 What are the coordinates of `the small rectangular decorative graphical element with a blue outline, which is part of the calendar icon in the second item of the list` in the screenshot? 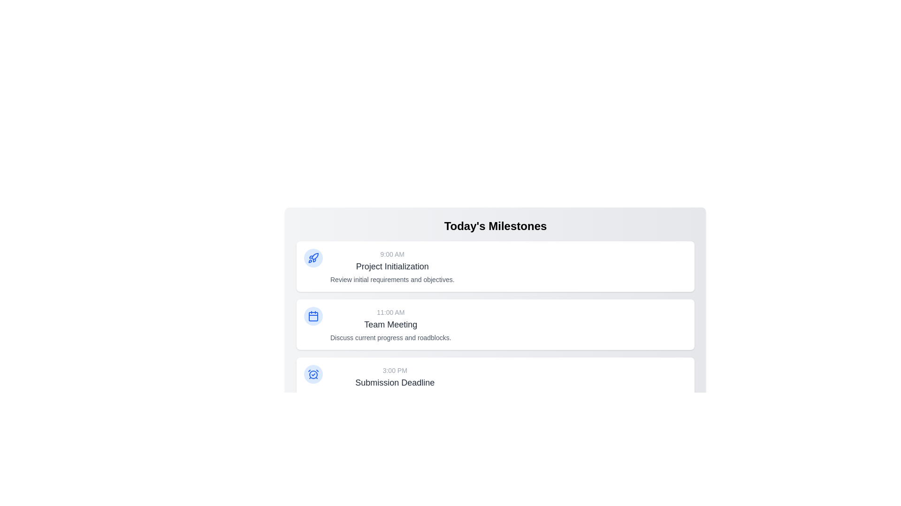 It's located at (313, 316).